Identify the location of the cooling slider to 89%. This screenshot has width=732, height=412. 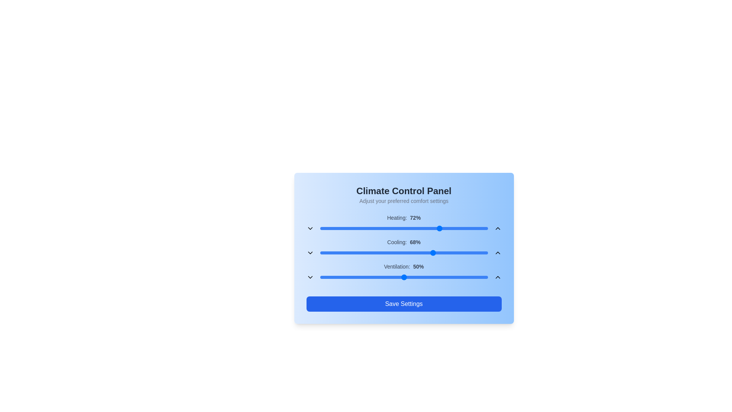
(469, 253).